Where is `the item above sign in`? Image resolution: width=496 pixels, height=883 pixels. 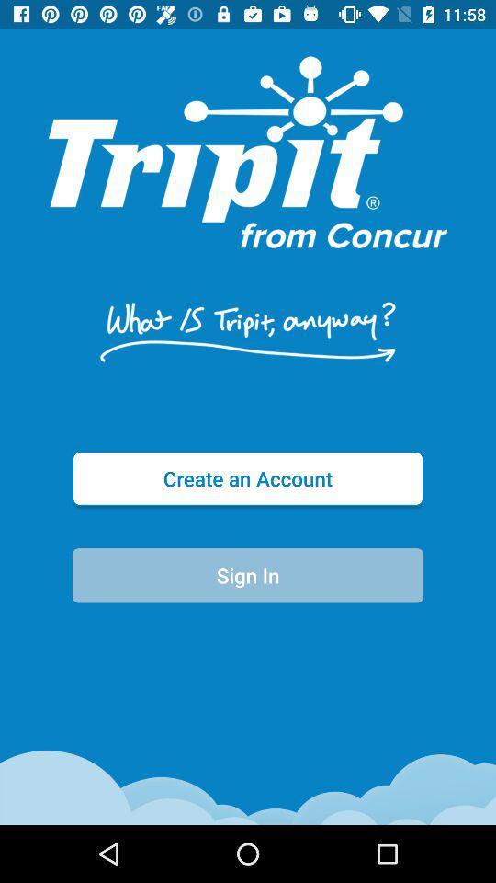
the item above sign in is located at coordinates (248, 477).